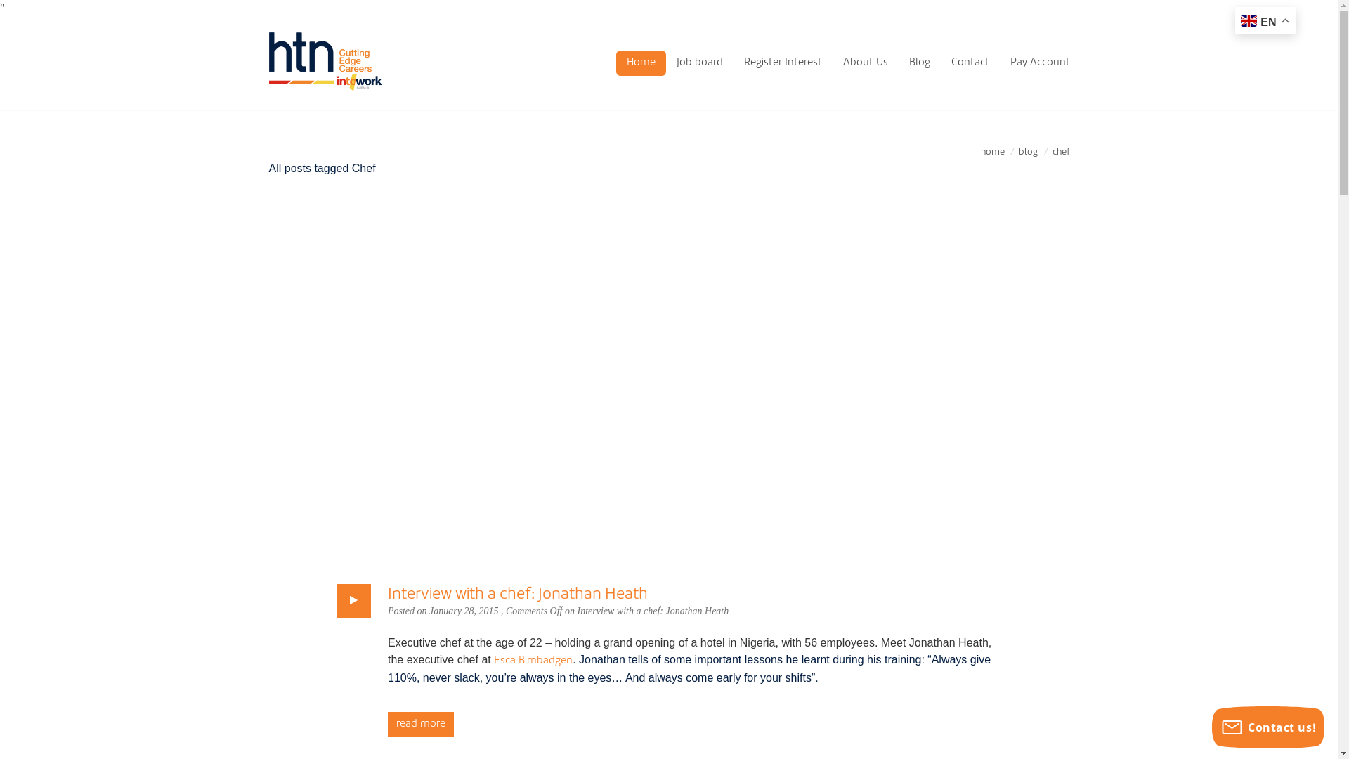  I want to click on 'Contact us!', so click(1267, 727).